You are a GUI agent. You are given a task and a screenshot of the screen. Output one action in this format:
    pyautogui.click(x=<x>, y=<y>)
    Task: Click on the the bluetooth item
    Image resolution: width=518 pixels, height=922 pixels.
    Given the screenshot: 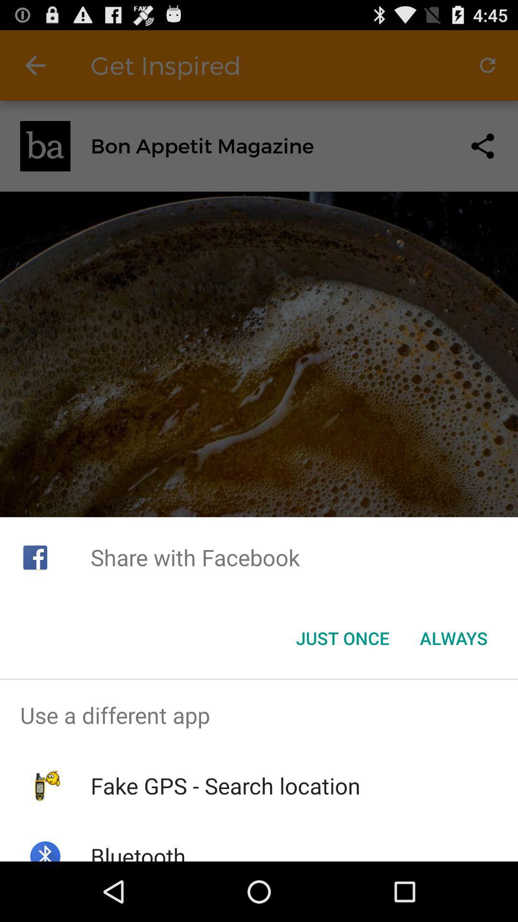 What is the action you would take?
    pyautogui.click(x=138, y=851)
    